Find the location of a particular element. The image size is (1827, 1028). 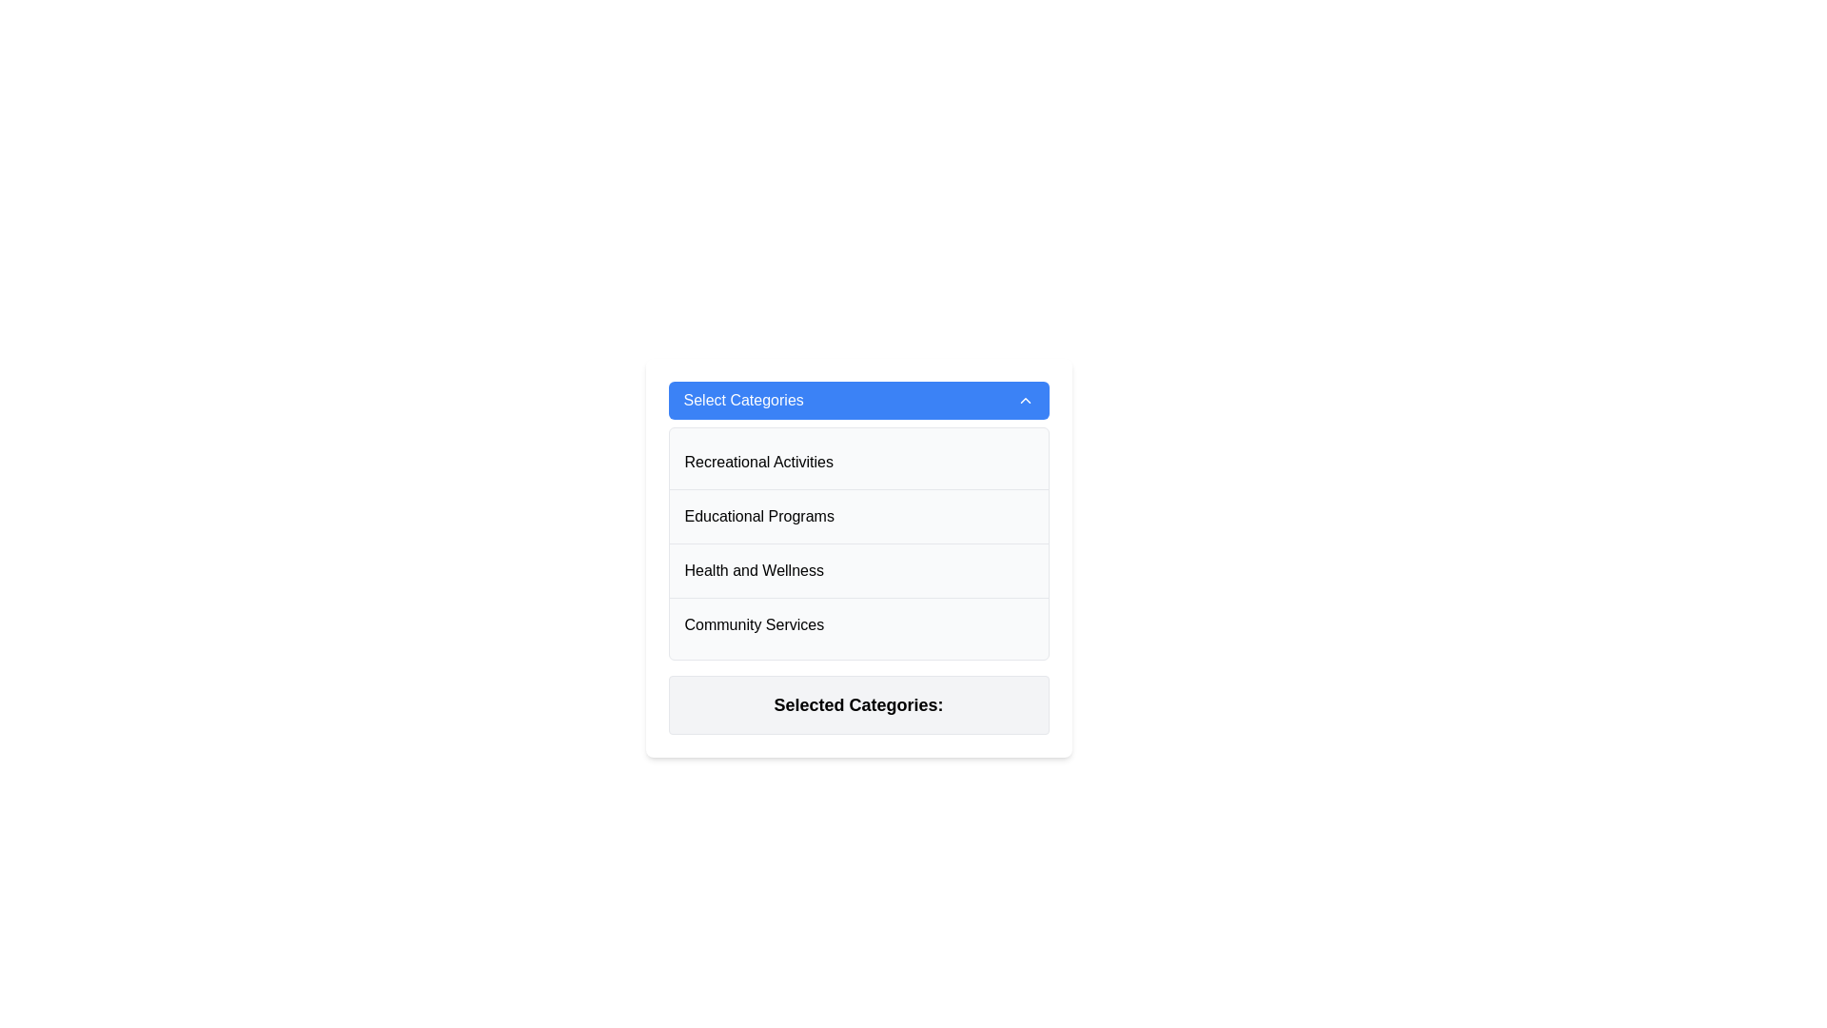

the 'Recreational Activities' label in the 'Select Categories' dropdown is located at coordinates (757, 463).